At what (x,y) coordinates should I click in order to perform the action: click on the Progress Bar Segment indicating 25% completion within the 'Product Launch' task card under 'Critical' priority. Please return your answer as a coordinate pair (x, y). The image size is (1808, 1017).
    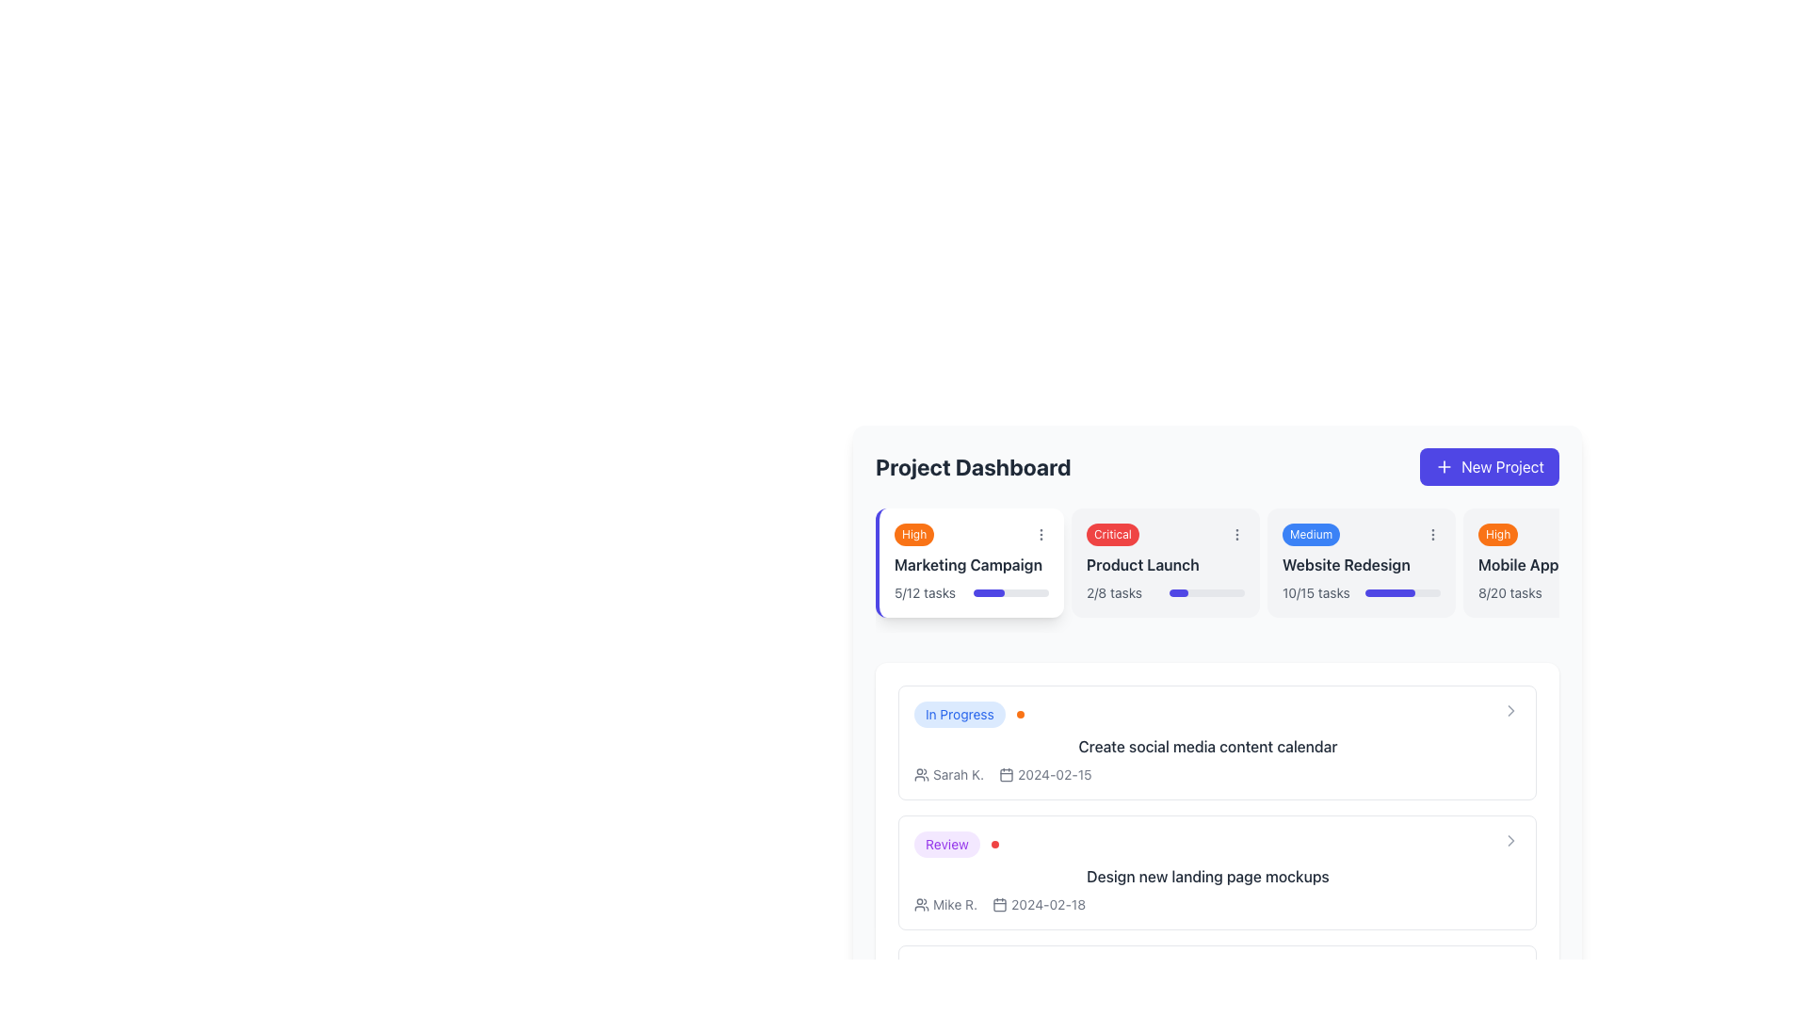
    Looking at the image, I should click on (1178, 591).